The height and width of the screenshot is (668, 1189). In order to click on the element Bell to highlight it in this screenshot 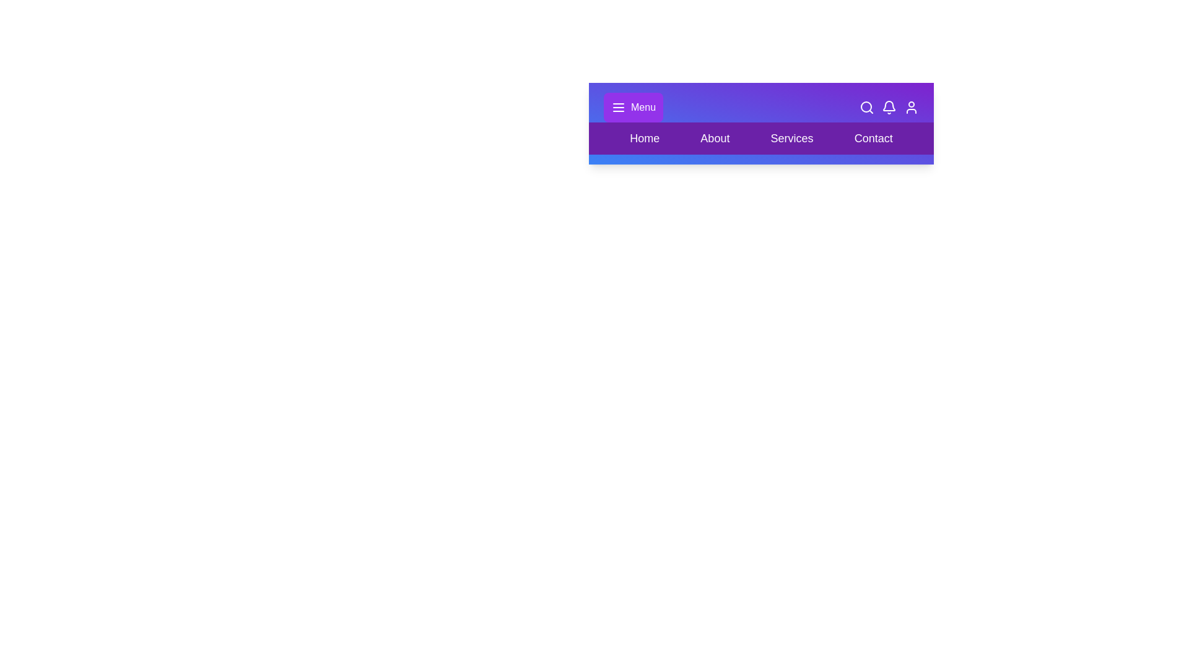, I will do `click(888, 106)`.